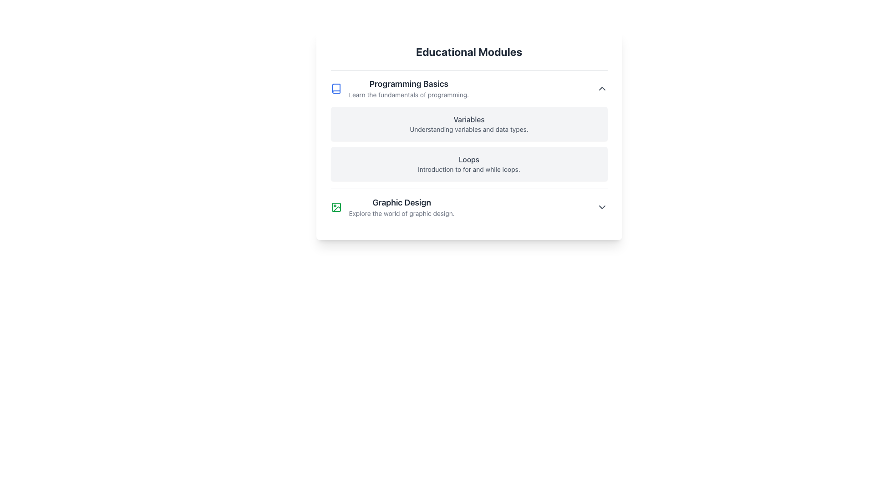 The image size is (874, 491). What do you see at coordinates (401, 207) in the screenshot?
I see `the informational text block titled 'Graphic Design' that displays the subtitle 'Explore the world of graphic design', located in the 'Educational Modules' section as the fourth module` at bounding box center [401, 207].